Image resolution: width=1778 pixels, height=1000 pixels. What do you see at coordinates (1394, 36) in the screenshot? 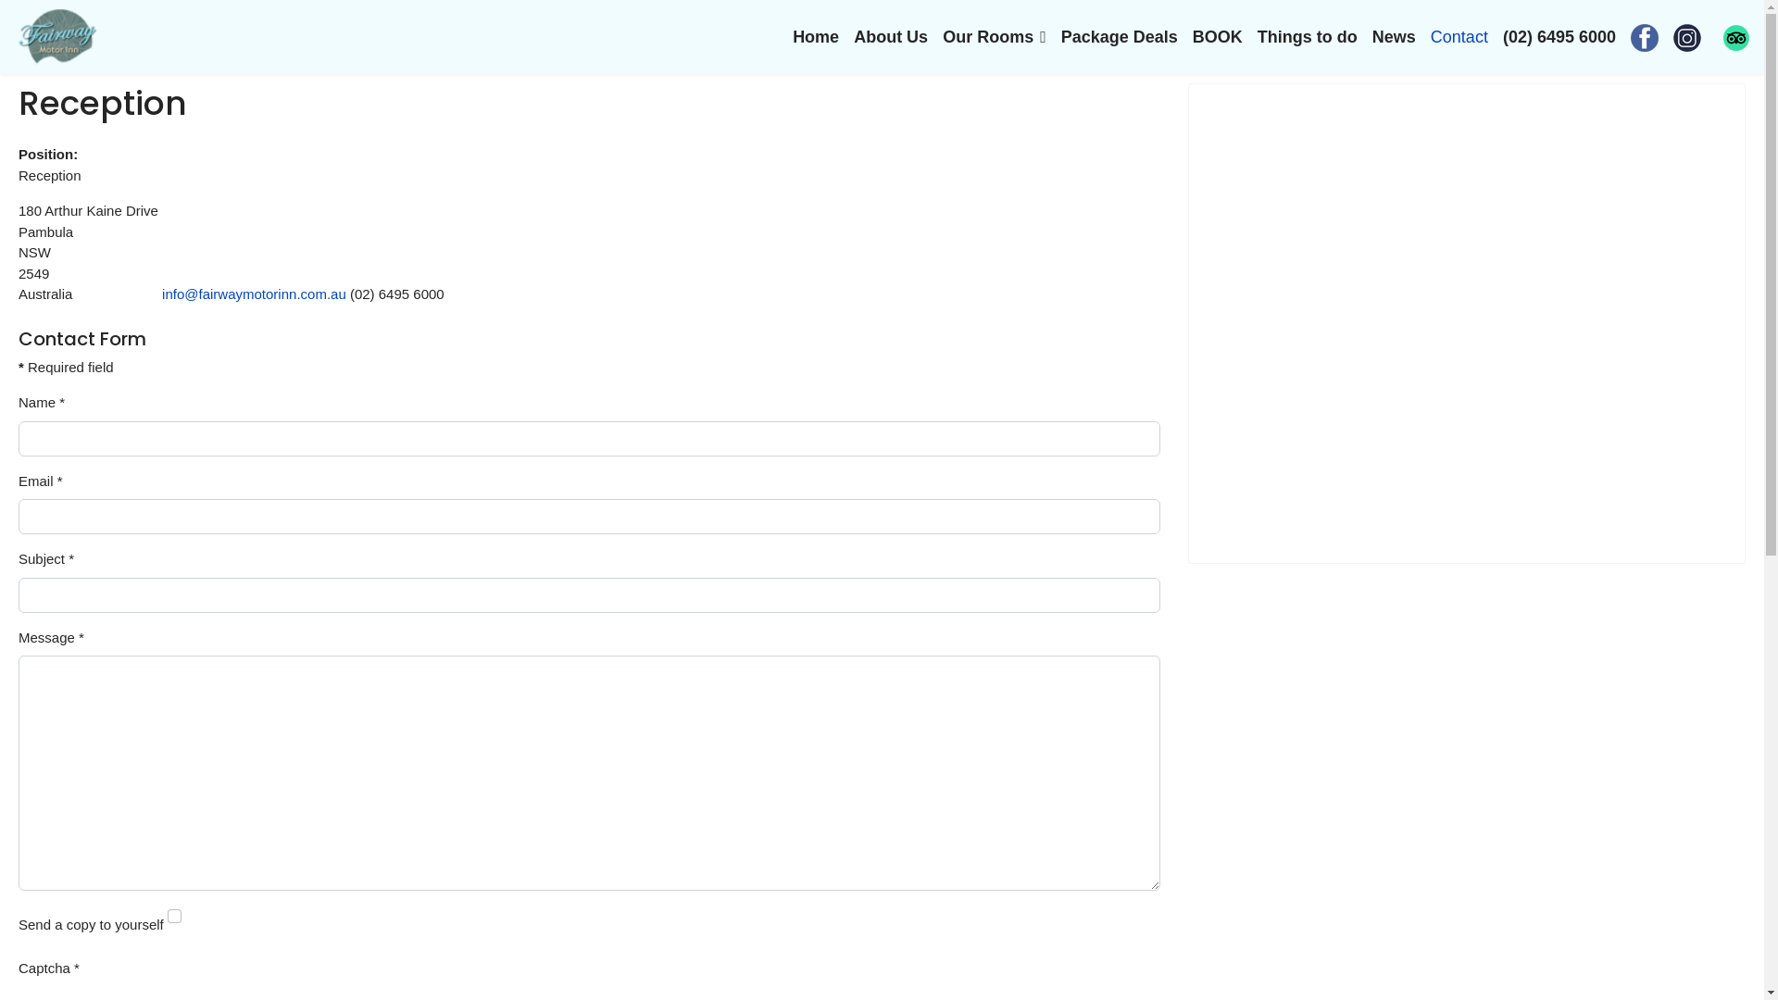
I see `'News'` at bounding box center [1394, 36].